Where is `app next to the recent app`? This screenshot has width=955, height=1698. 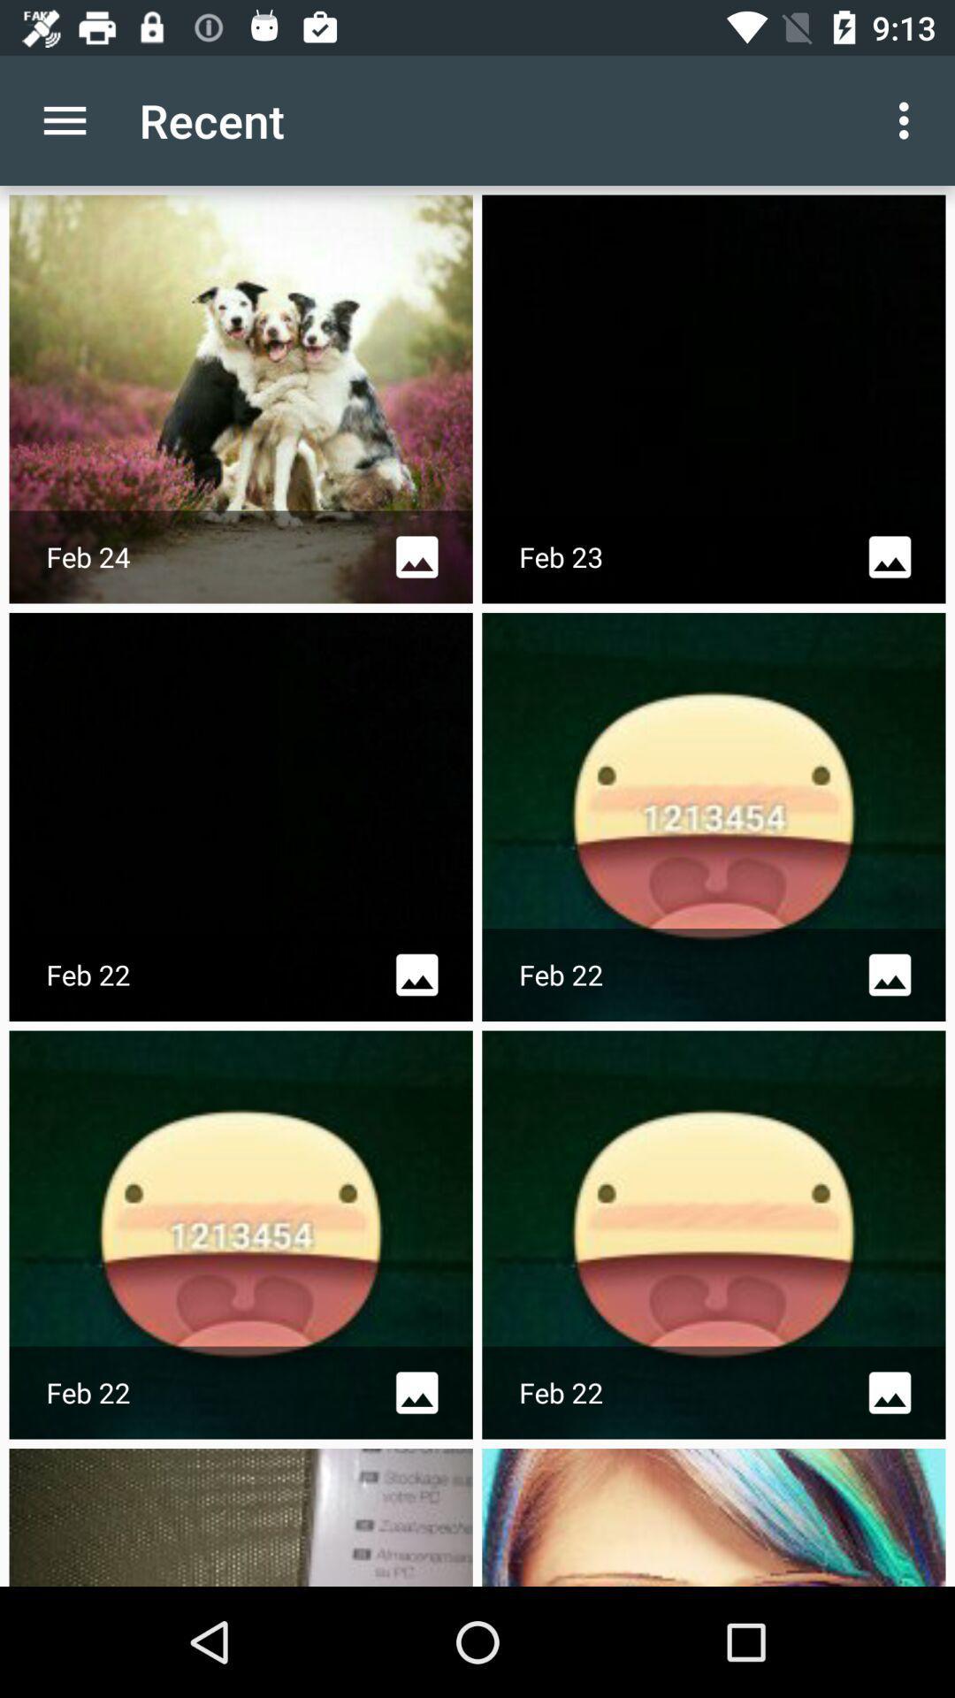
app next to the recent app is located at coordinates (908, 119).